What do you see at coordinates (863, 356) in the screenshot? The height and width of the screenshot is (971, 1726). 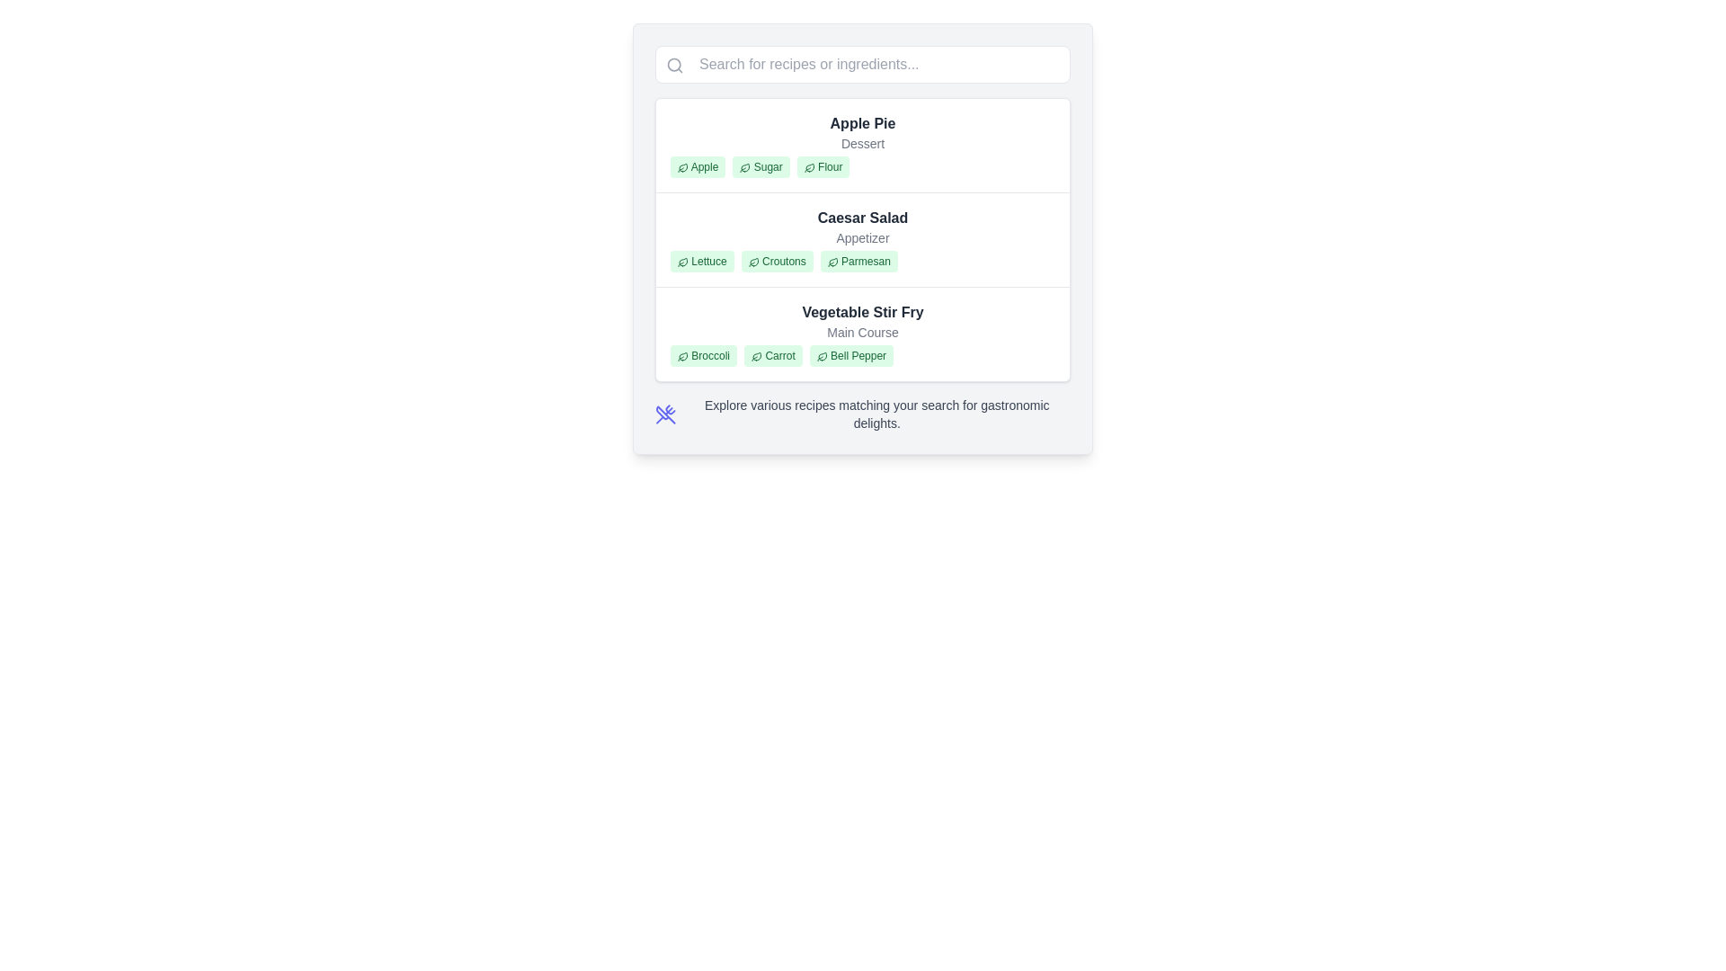 I see `the label cluster that represents the ingredients for the 'Vegetable Stir Fry' dish, located between 'Main Course' and 'Broccoli Carrot Bell Pepper'` at bounding box center [863, 356].